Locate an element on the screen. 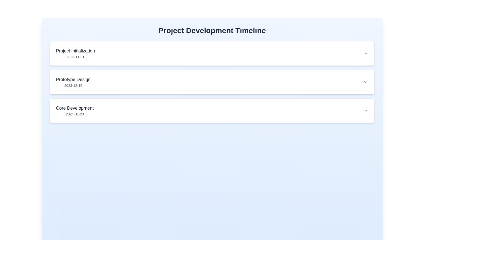 The image size is (482, 271). the text element displaying 'Core Development' and the date '2024-01-20' is located at coordinates (74, 110).